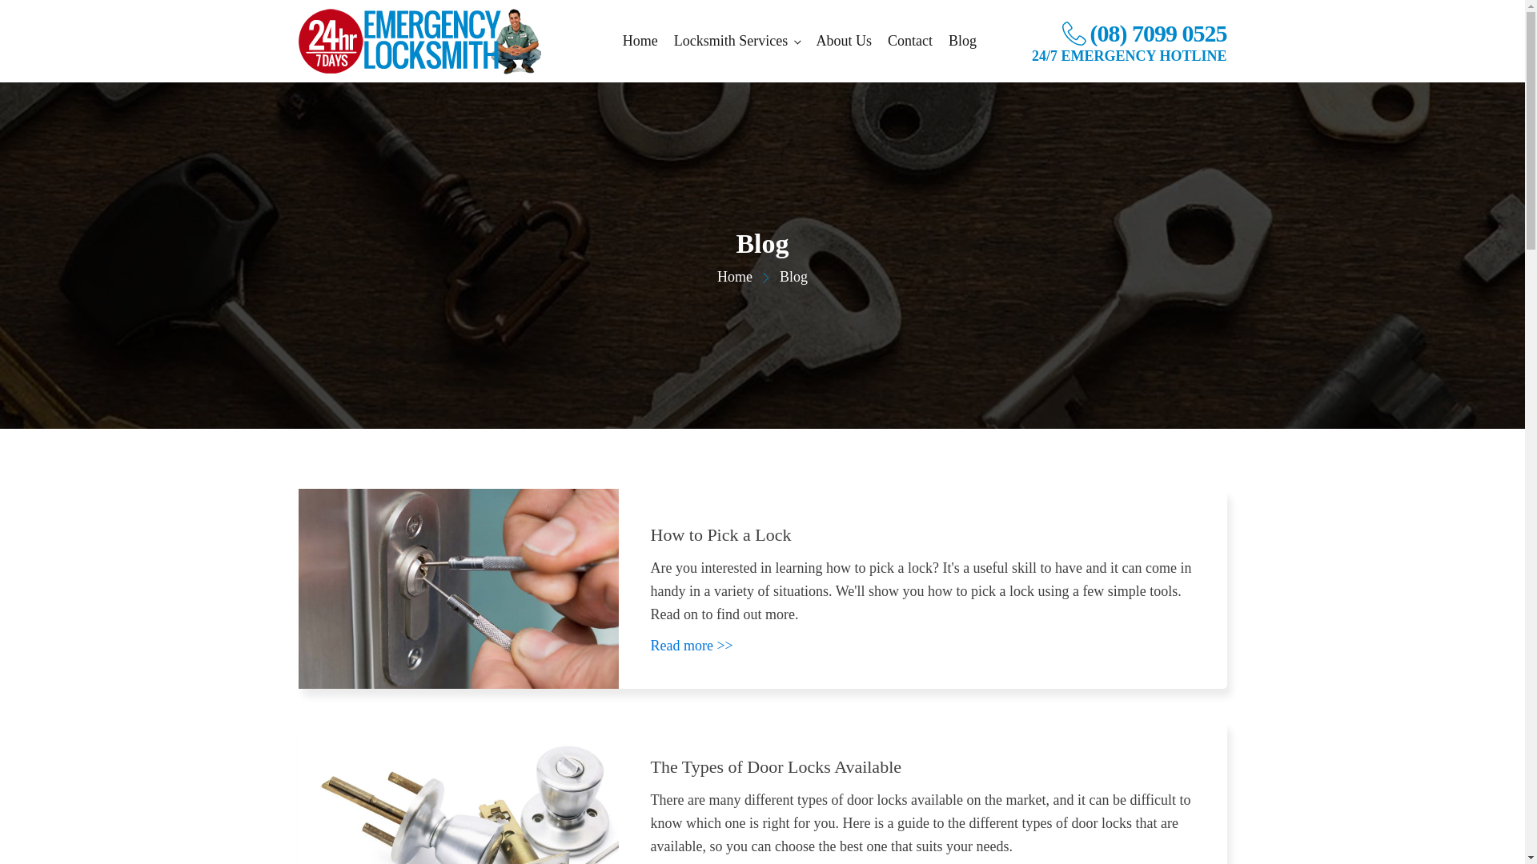 This screenshot has height=864, width=1537. I want to click on 'Contact', so click(910, 40).